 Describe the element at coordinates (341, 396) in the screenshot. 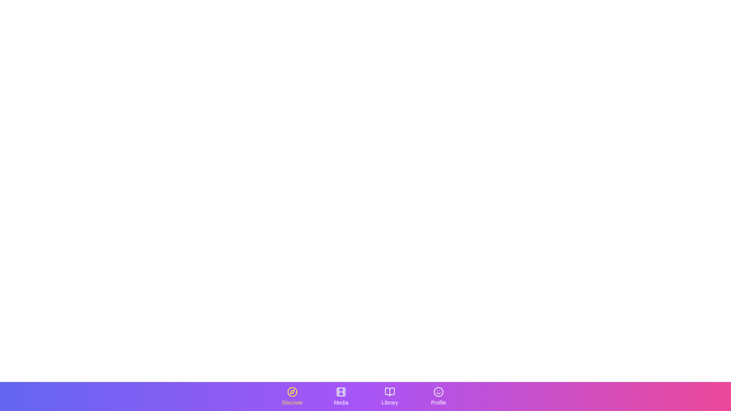

I see `the tab labeled Media to observe the hover animation effect` at that location.